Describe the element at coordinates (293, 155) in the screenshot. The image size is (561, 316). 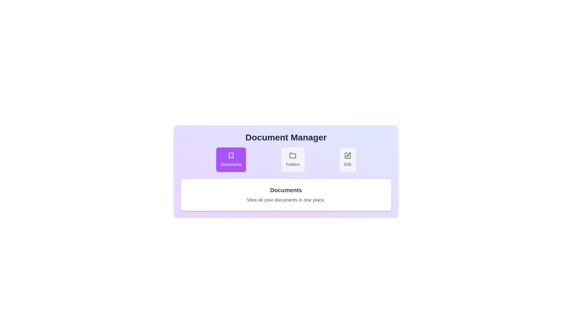
I see `the decorative folder icon located in the middle tile of the 'Folders' section under the 'Document Manager' heading` at that location.